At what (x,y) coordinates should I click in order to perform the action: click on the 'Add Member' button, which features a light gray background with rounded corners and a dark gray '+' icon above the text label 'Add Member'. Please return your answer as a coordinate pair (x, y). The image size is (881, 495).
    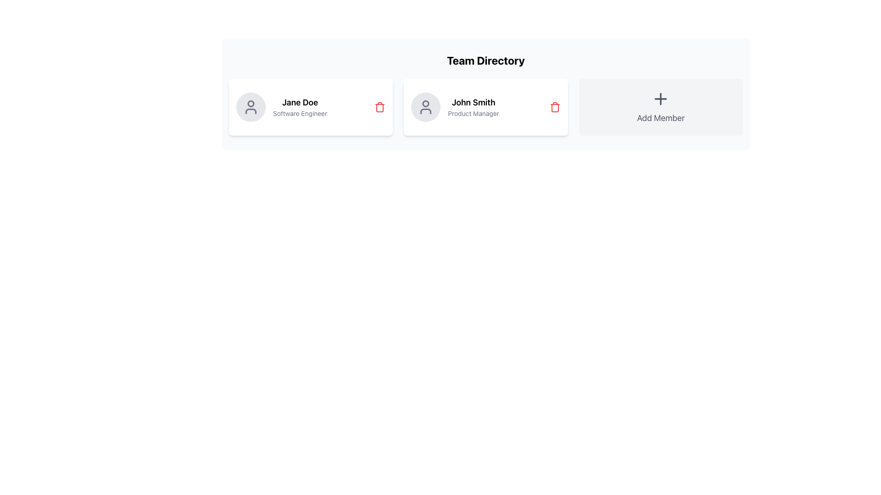
    Looking at the image, I should click on (661, 107).